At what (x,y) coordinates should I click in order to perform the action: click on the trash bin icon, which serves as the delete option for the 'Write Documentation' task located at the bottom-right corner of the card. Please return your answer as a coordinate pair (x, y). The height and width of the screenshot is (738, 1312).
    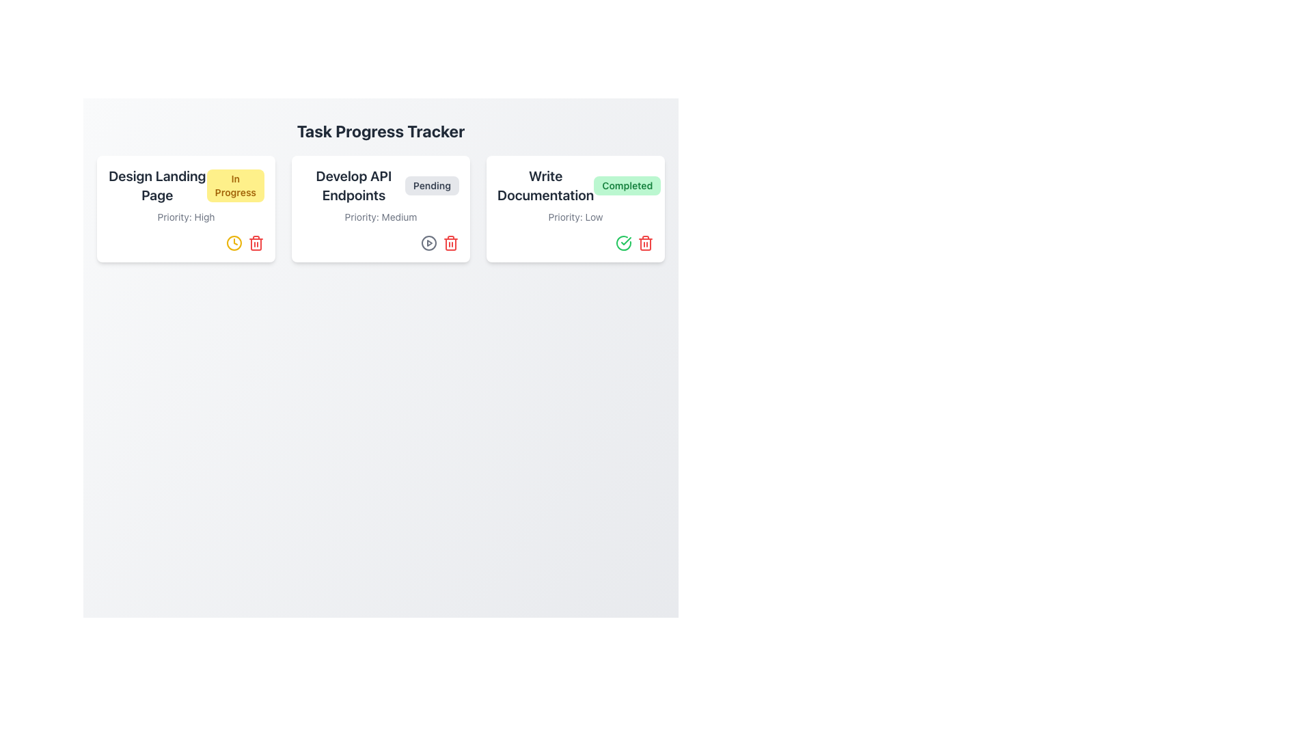
    Looking at the image, I should click on (645, 244).